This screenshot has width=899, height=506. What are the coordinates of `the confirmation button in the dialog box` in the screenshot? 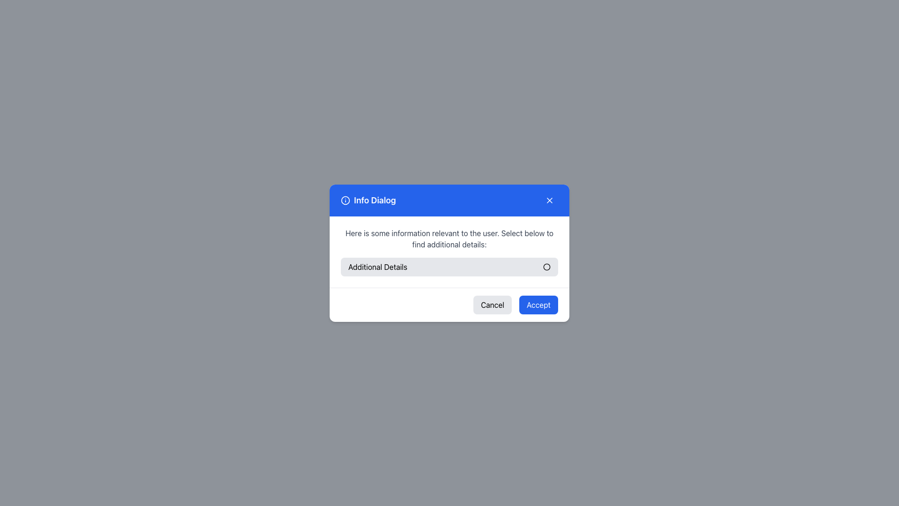 It's located at (538, 305).